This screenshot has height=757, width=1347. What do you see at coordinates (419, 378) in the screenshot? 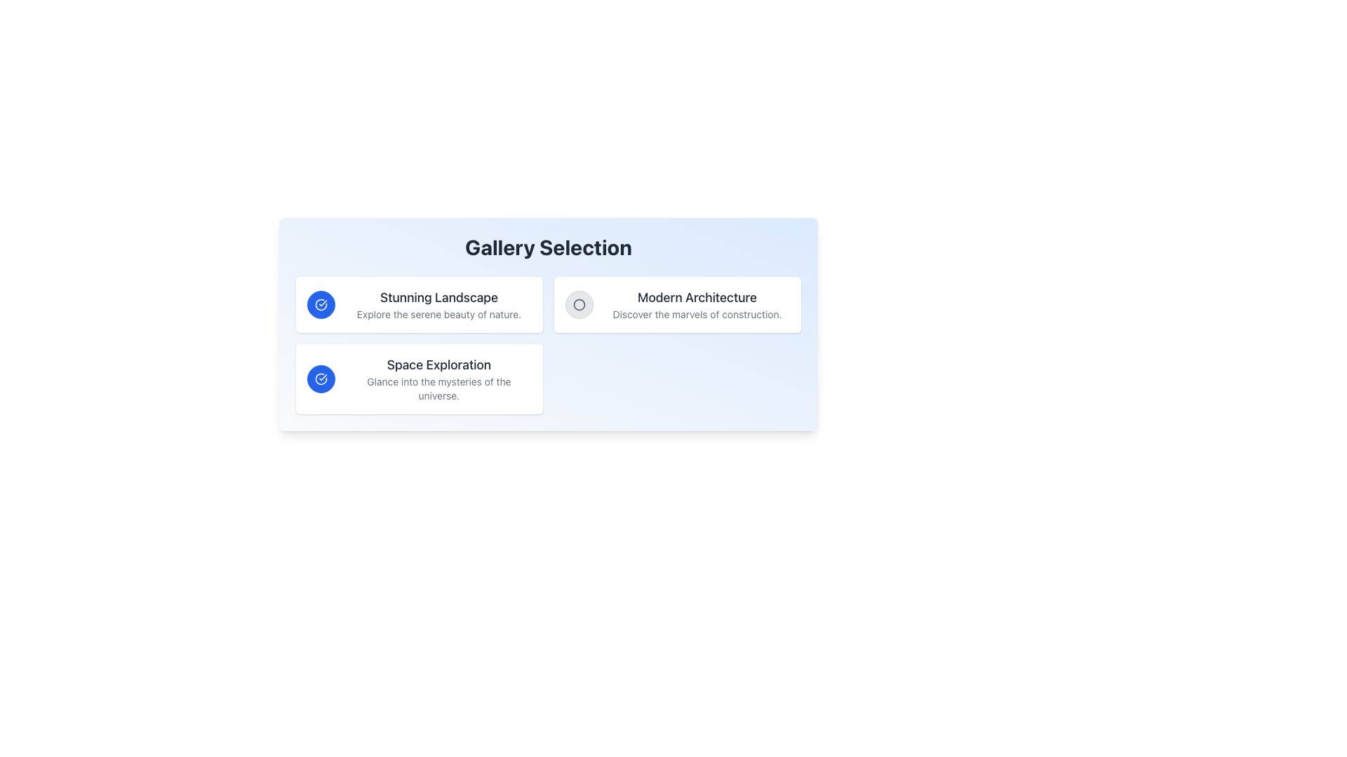
I see `the Informational Card about 'Space Exploration'` at bounding box center [419, 378].